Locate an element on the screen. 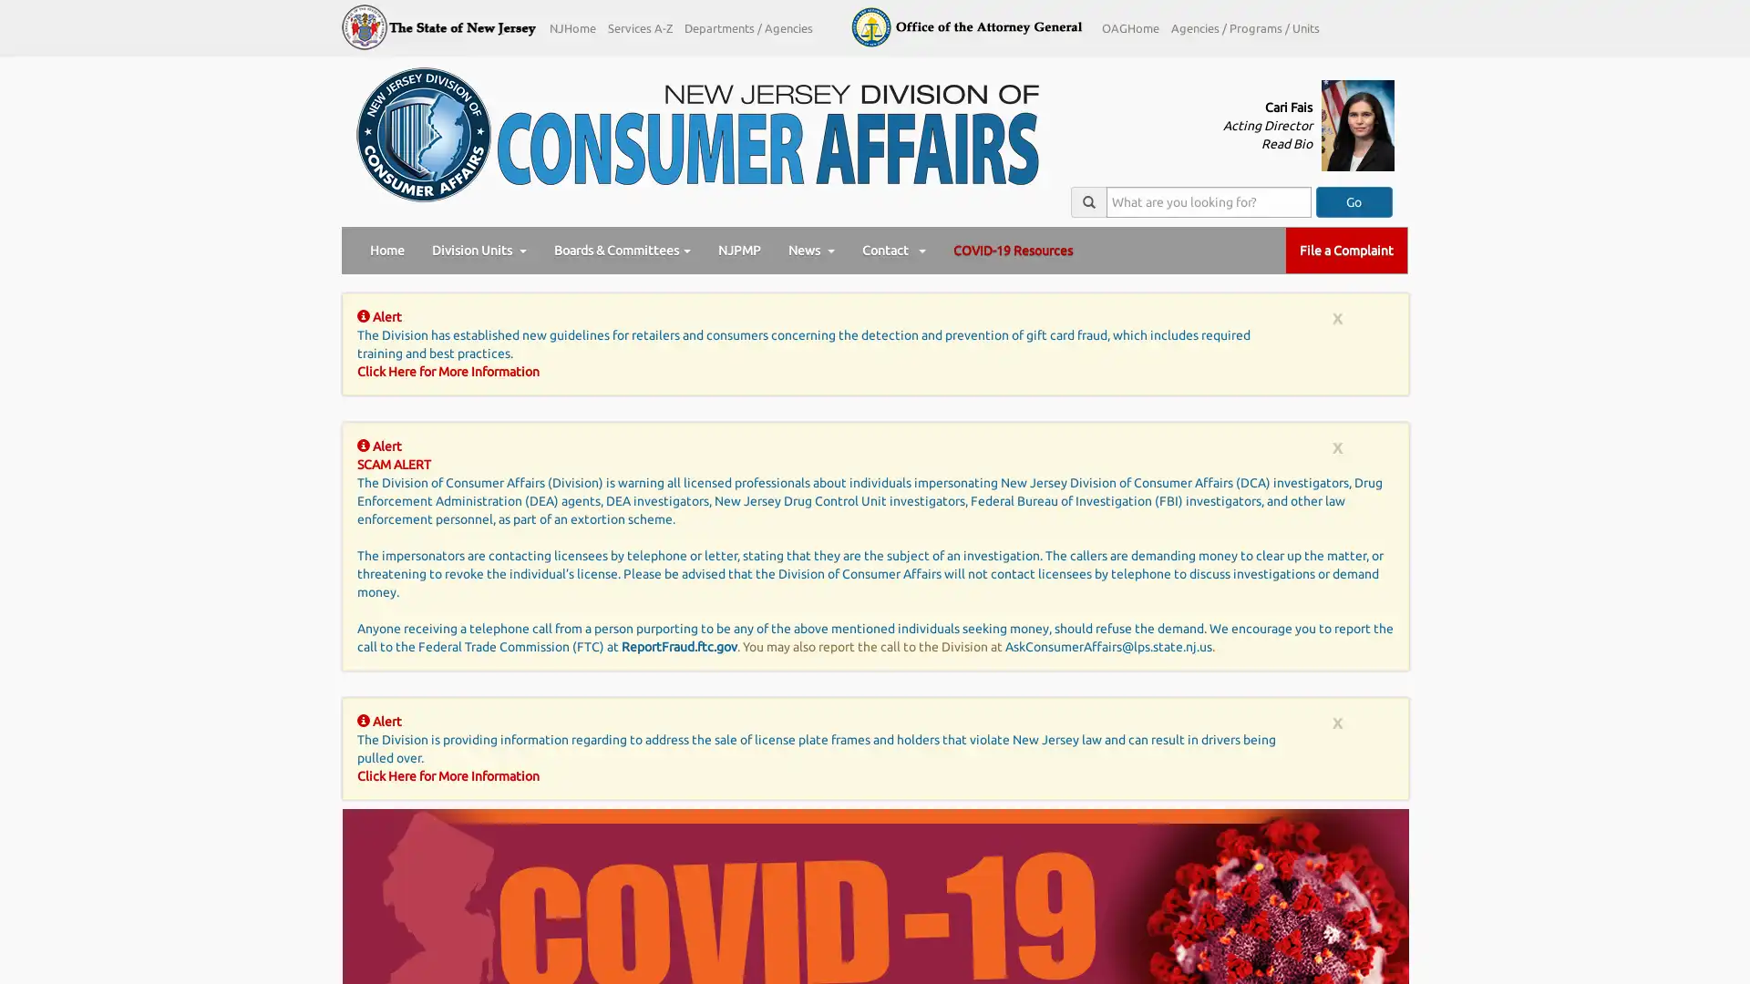 The height and width of the screenshot is (984, 1750). x is located at coordinates (1337, 316).